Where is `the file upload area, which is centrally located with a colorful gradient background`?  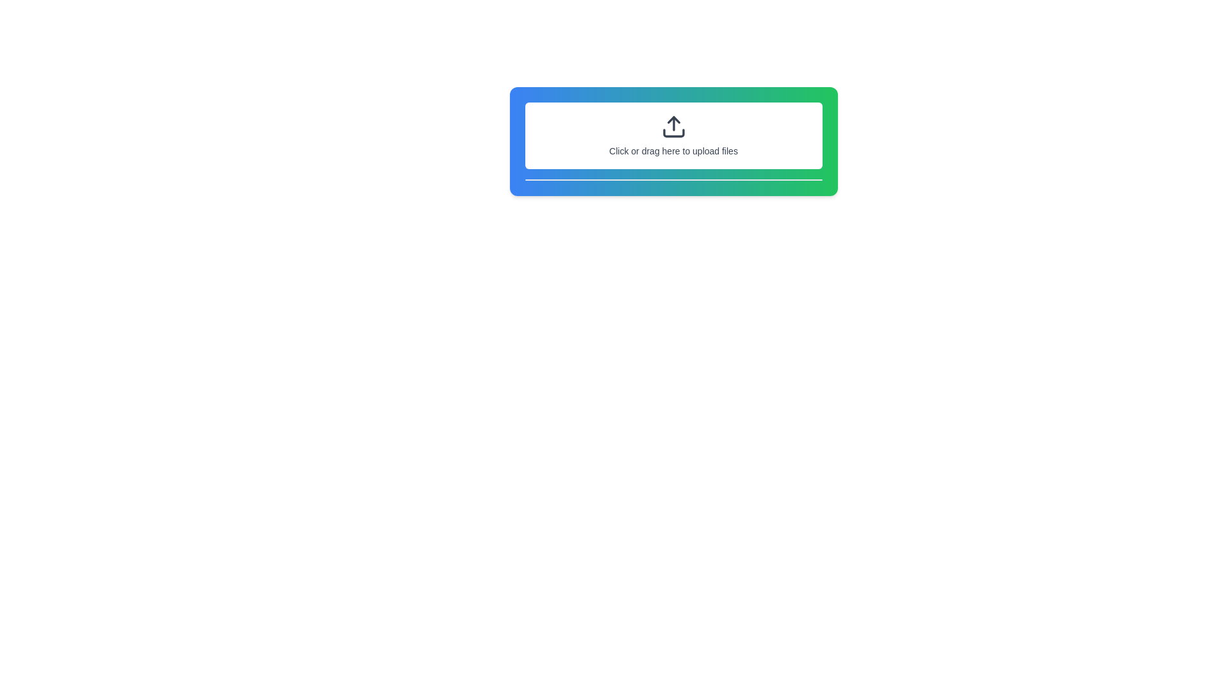 the file upload area, which is centrally located with a colorful gradient background is located at coordinates (673, 141).